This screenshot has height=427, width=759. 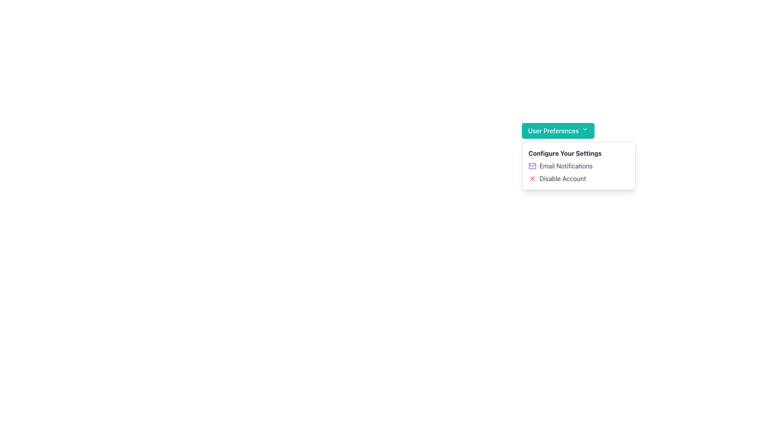 I want to click on the red 'X' icon located to the left of the 'Disable Account' text within the 'Configure Your Settings' grouping, so click(x=532, y=178).